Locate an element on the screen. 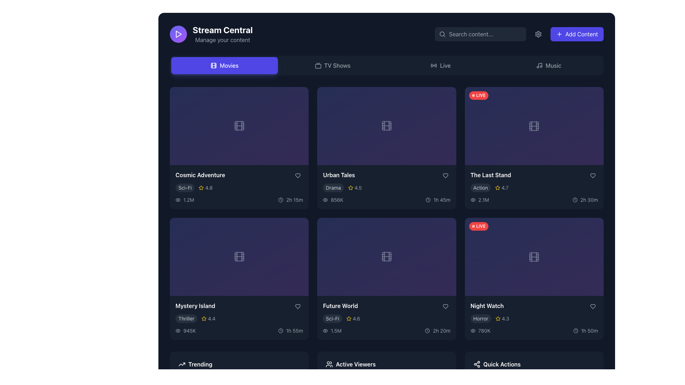 The height and width of the screenshot is (385, 685). the graphic icon representing media content for the 'Cosmic Adventure' movie entry located centrally in the card's image area within the 'Stream Central' interface is located at coordinates (239, 125).